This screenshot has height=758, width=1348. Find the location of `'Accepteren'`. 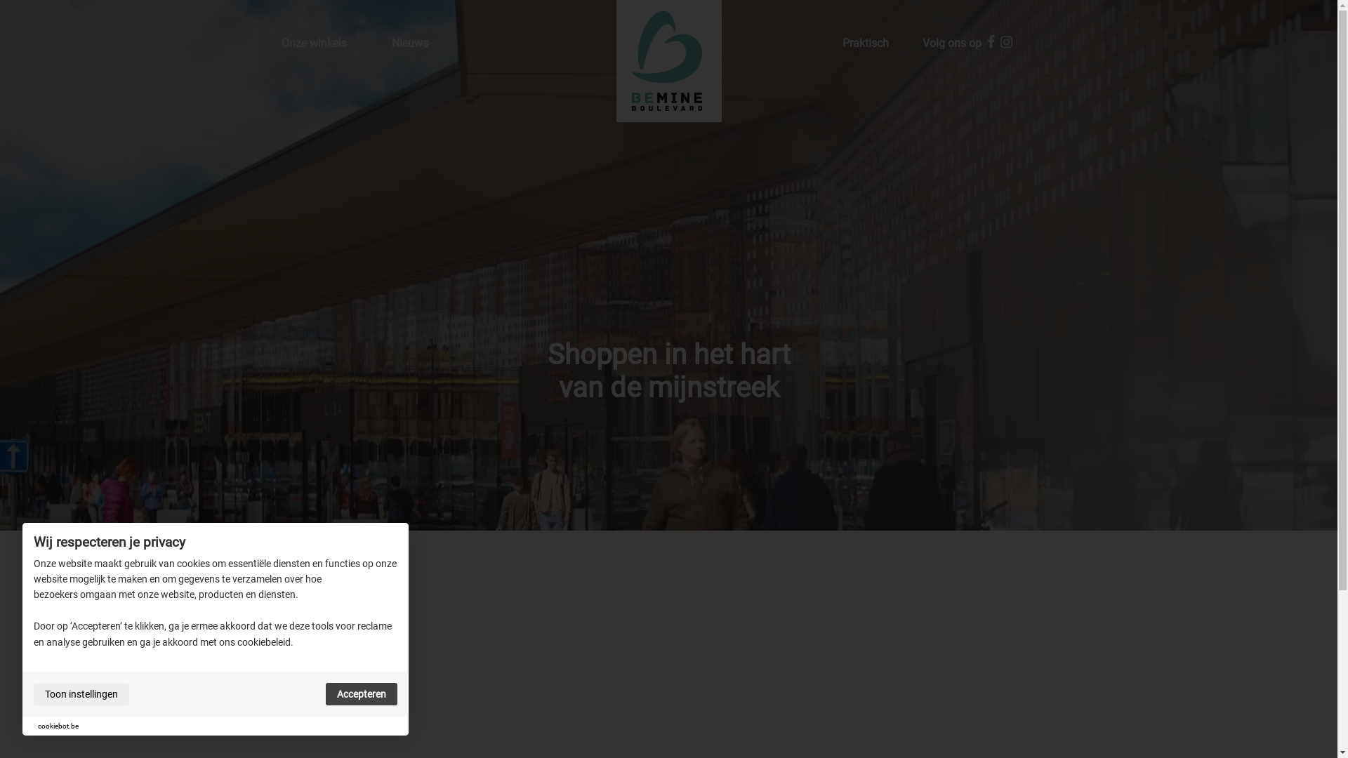

'Accepteren' is located at coordinates (361, 693).